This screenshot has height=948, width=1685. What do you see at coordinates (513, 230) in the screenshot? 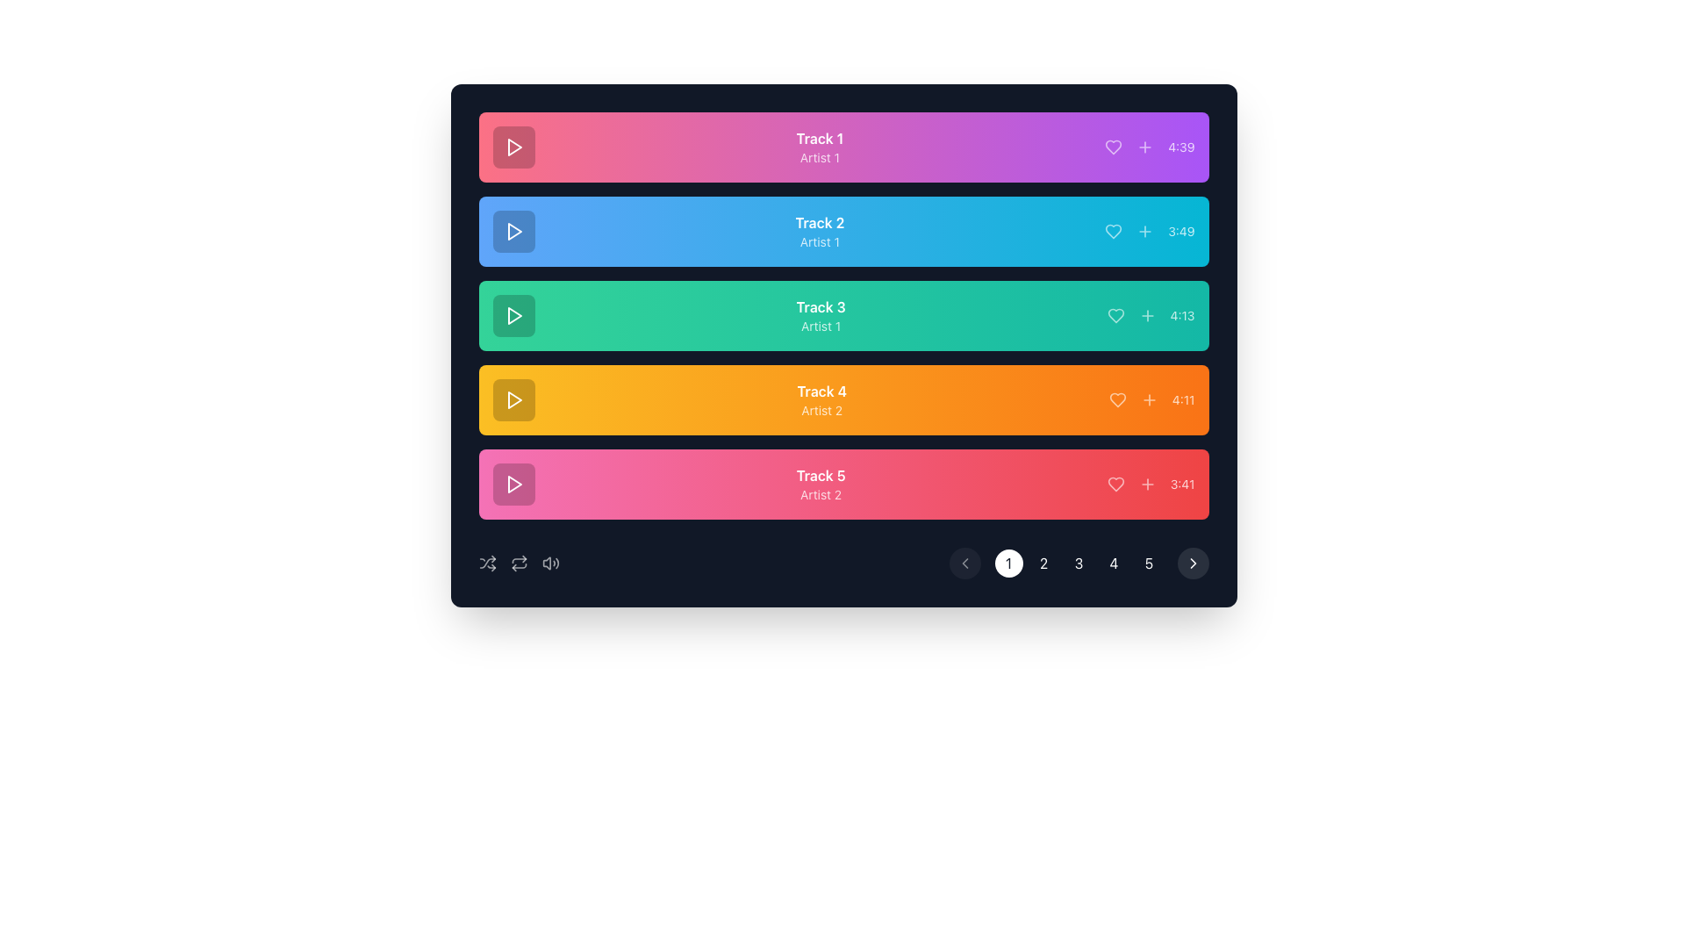
I see `the play button located in the top-left portion of the second track entry in the playlist interface` at bounding box center [513, 230].